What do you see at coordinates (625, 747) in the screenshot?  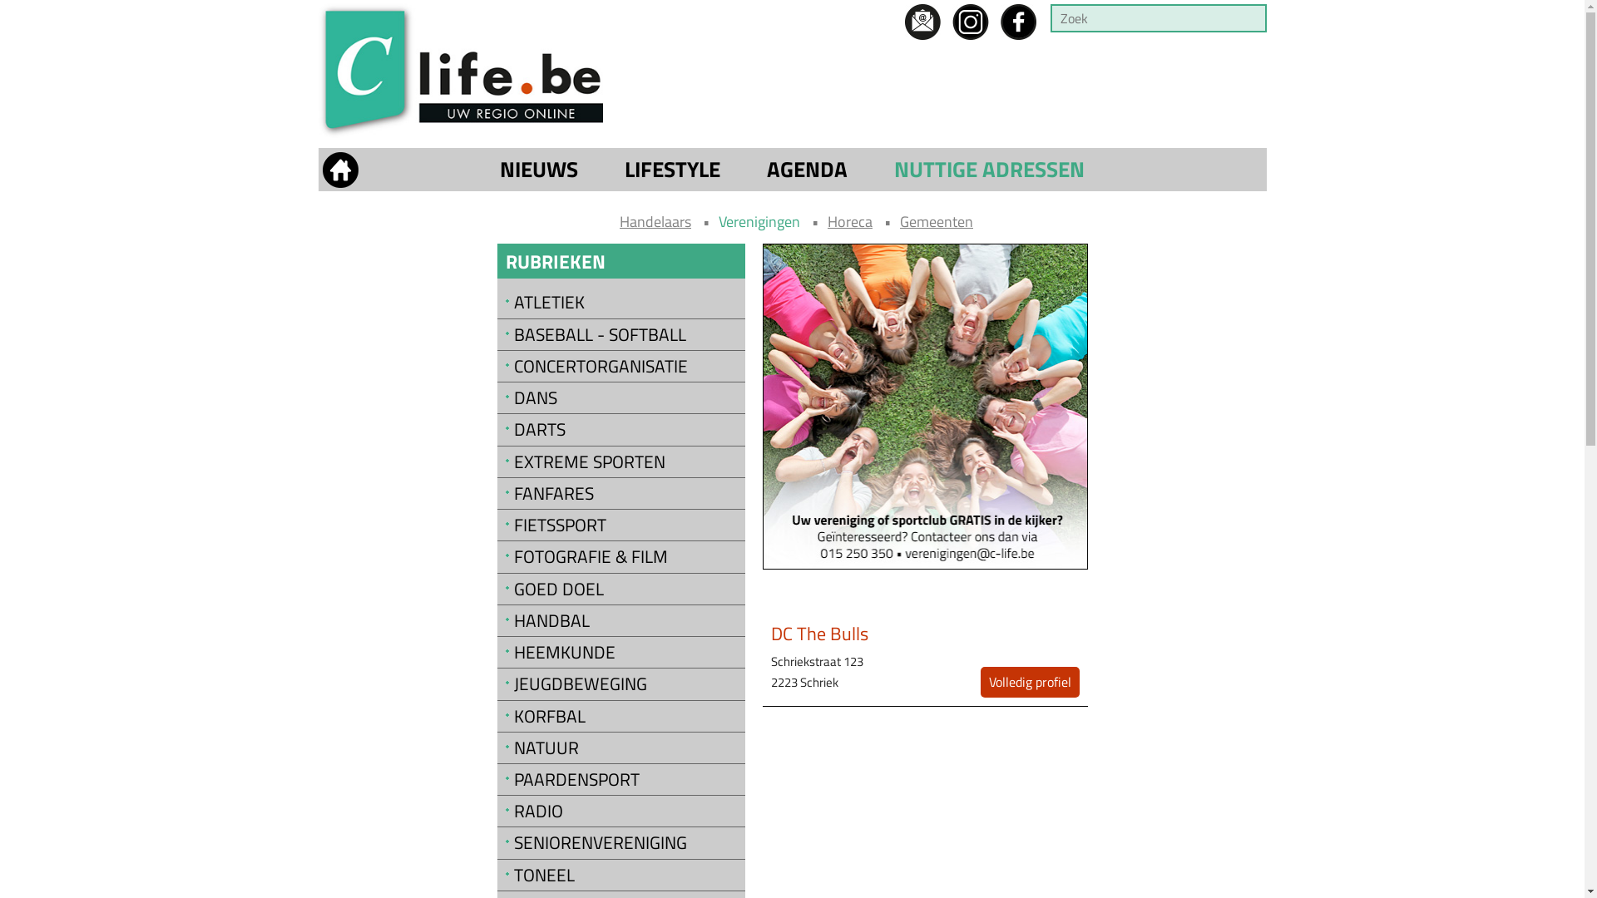 I see `'NATUUR'` at bounding box center [625, 747].